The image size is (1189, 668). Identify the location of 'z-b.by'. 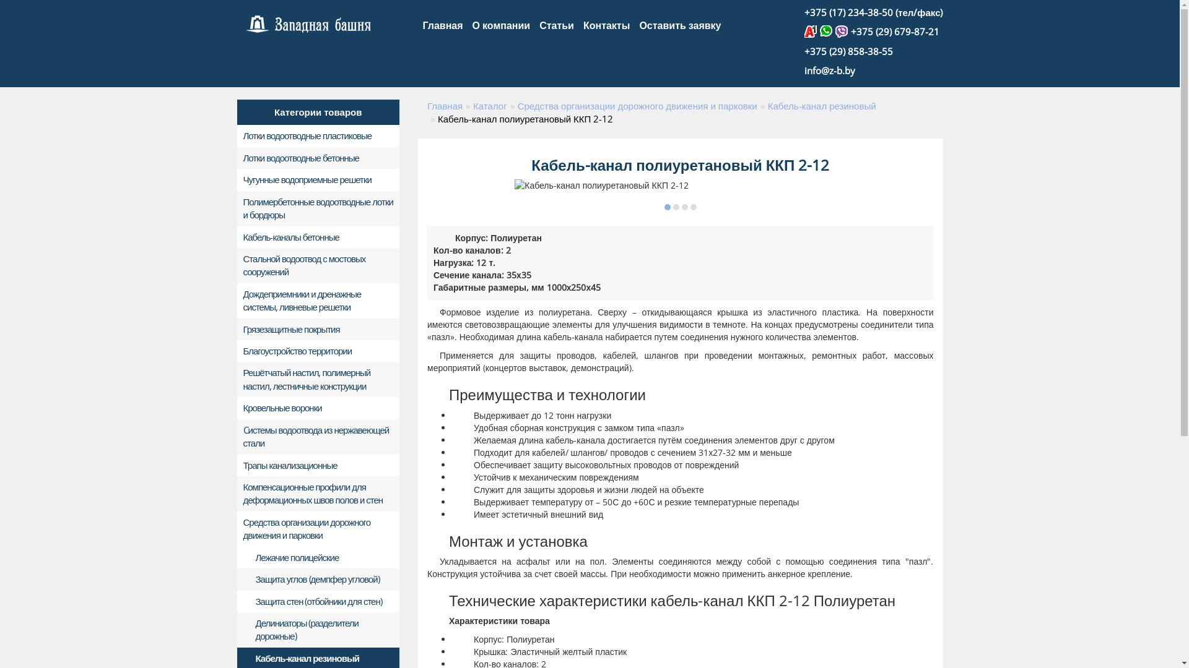
(308, 24).